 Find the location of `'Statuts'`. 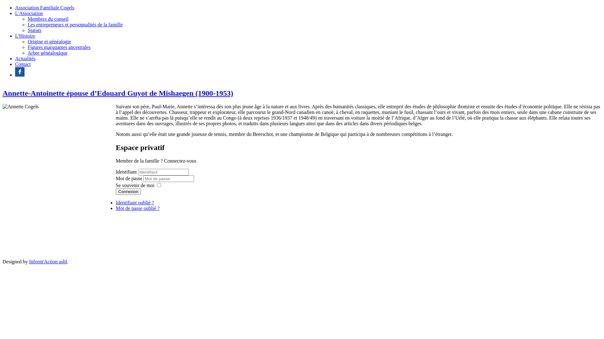

'Statuts' is located at coordinates (27, 30).